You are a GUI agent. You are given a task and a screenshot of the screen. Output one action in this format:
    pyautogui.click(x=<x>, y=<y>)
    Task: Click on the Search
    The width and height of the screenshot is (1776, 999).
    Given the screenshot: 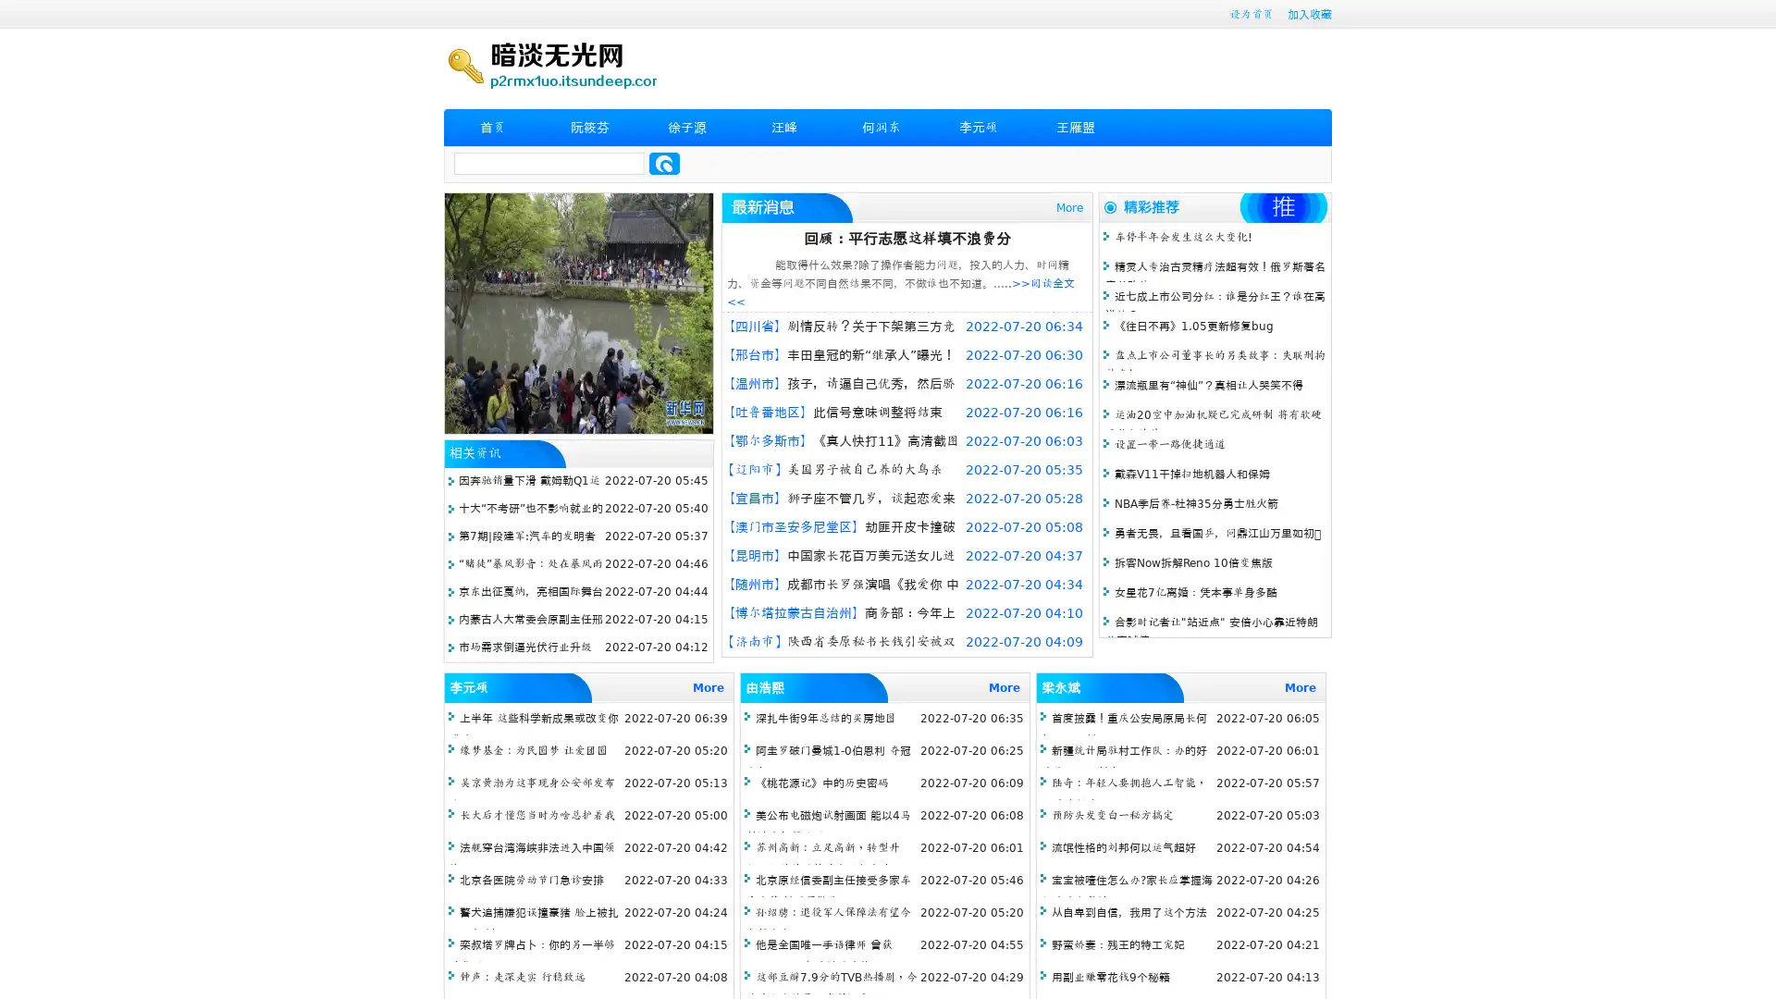 What is the action you would take?
    pyautogui.click(x=664, y=163)
    